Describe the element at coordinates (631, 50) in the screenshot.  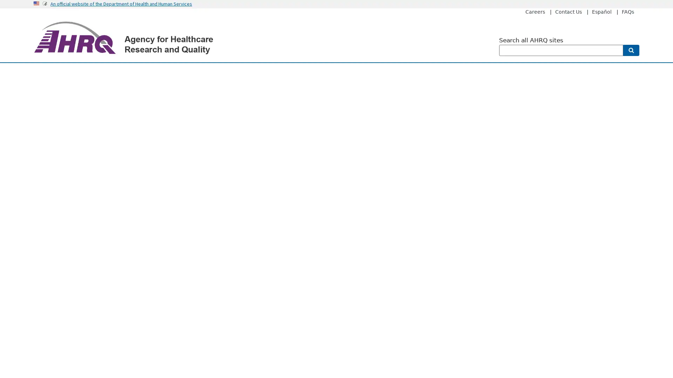
I see `Search` at that location.